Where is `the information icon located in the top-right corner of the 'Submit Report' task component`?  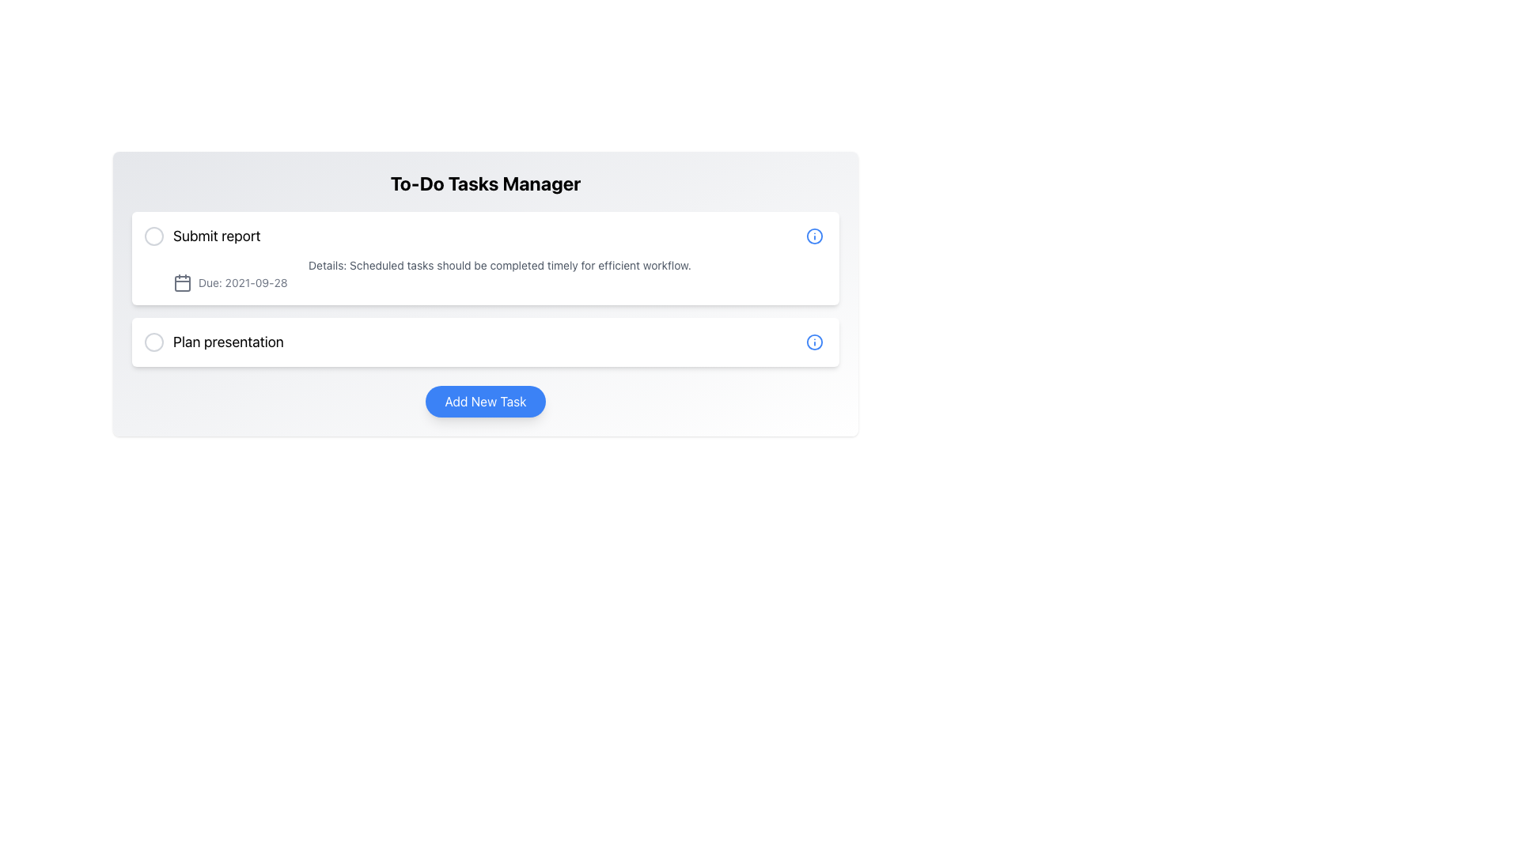
the information icon located in the top-right corner of the 'Submit Report' task component is located at coordinates (815, 236).